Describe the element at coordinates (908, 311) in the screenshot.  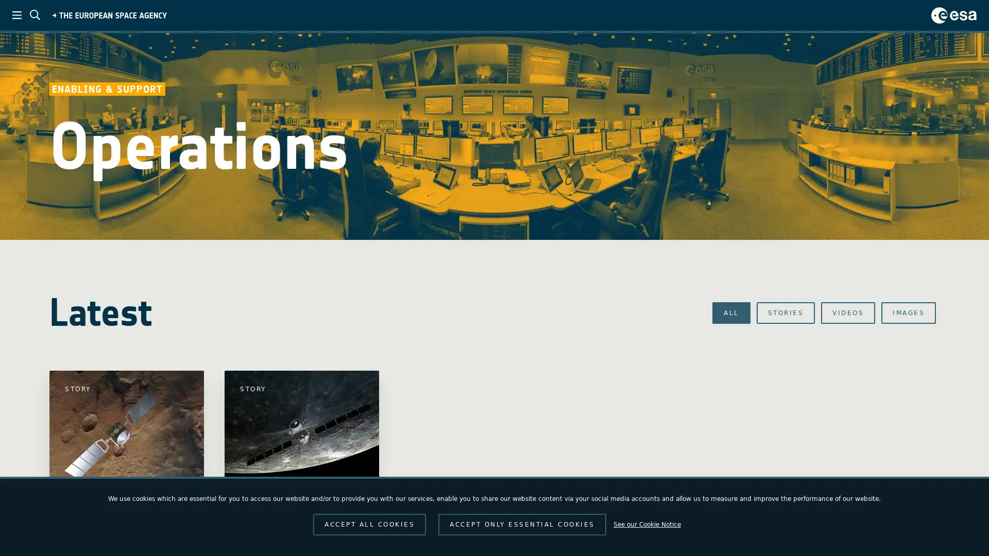
I see `IMAGES` at that location.